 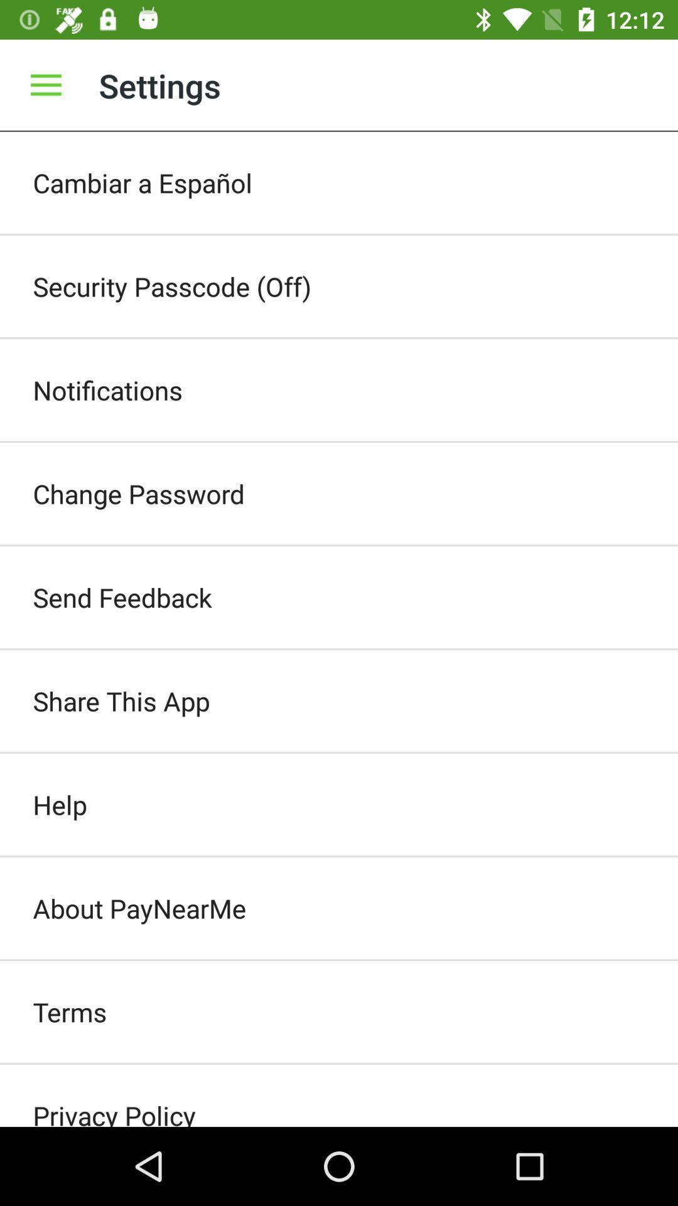 I want to click on the share this app item, so click(x=339, y=700).